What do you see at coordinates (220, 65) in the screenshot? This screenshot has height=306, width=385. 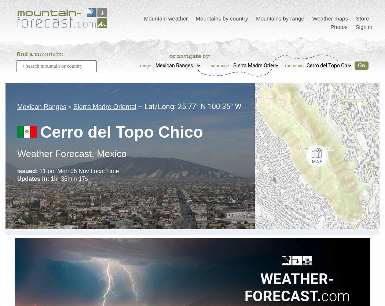 I see `'subrange:'` at bounding box center [220, 65].